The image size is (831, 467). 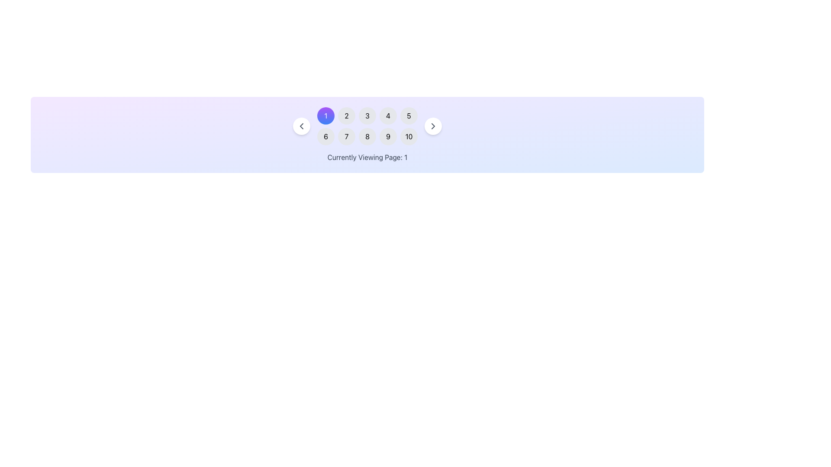 What do you see at coordinates (409, 136) in the screenshot?
I see `the circular button with a grey background and the number '10' centered in black text` at bounding box center [409, 136].